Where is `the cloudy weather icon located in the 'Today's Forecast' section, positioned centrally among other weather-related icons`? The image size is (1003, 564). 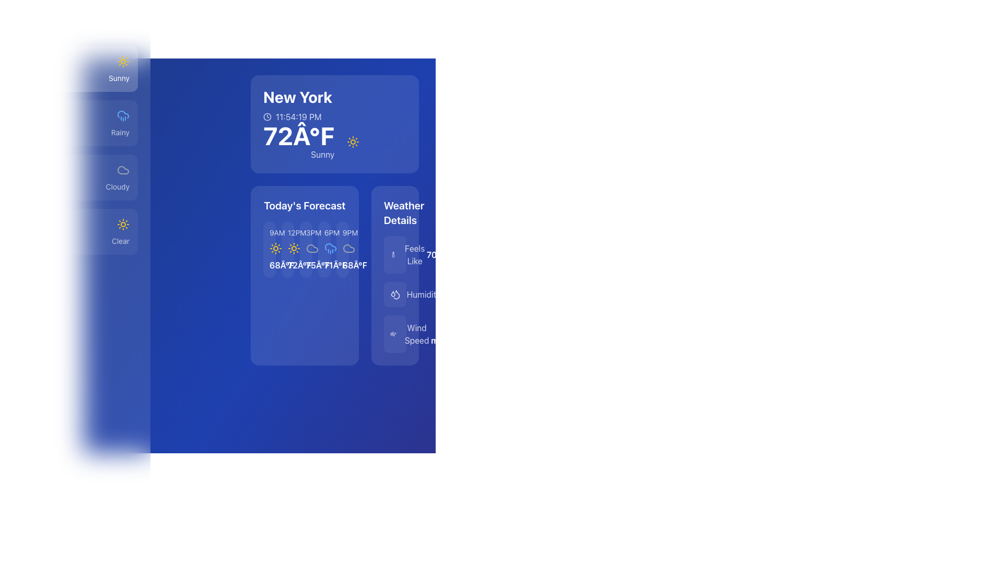 the cloudy weather icon located in the 'Today's Forecast' section, positioned centrally among other weather-related icons is located at coordinates (311, 248).